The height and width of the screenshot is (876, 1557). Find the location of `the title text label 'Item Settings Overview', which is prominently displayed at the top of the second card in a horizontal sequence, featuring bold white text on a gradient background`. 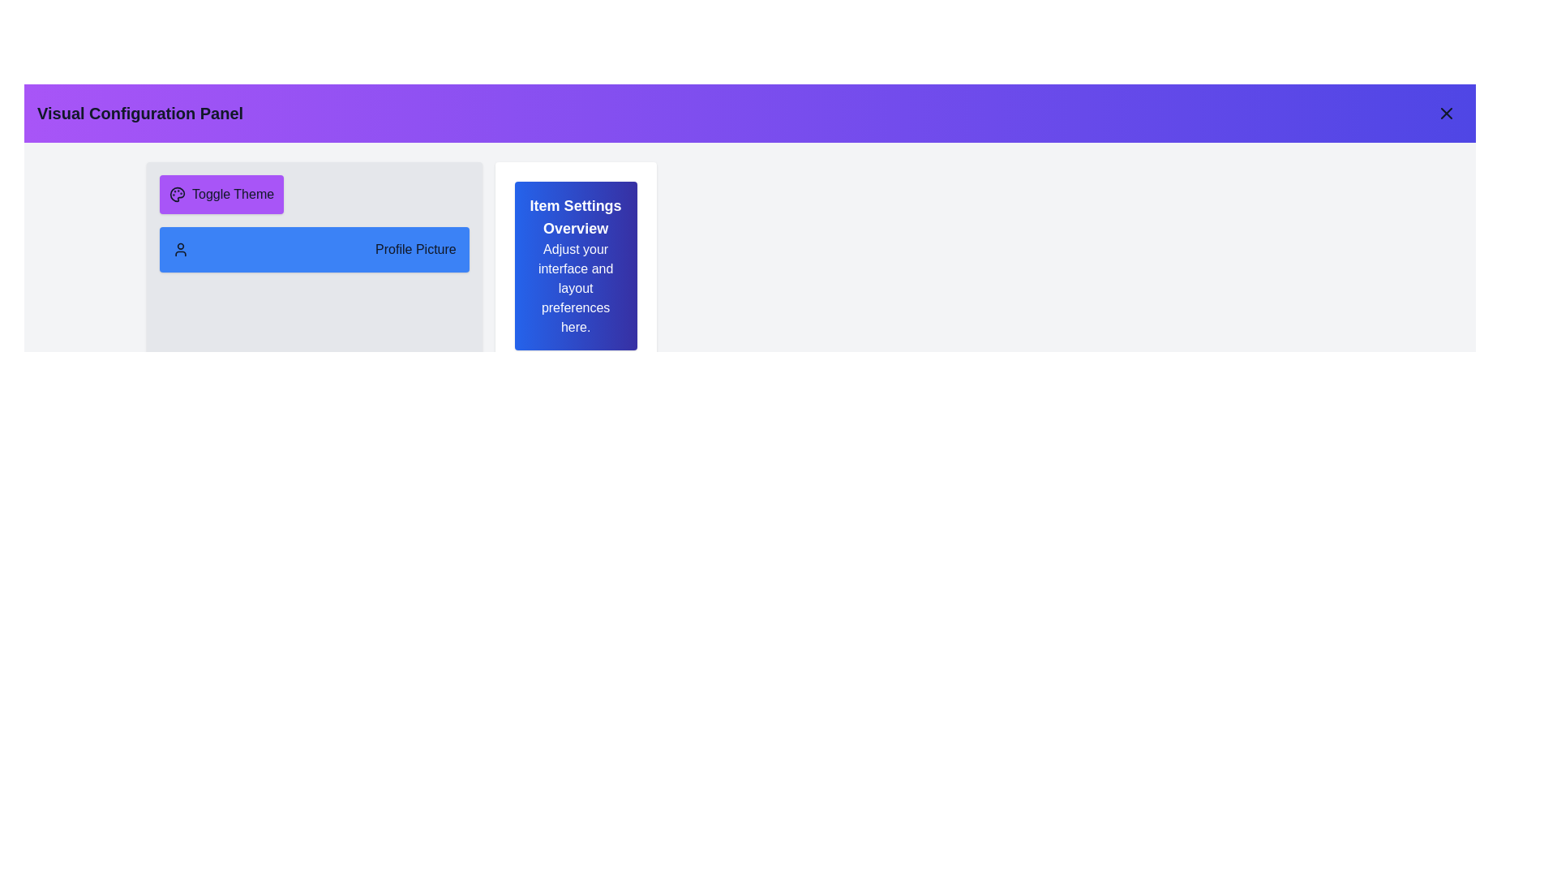

the title text label 'Item Settings Overview', which is prominently displayed at the top of the second card in a horizontal sequence, featuring bold white text on a gradient background is located at coordinates (576, 216).